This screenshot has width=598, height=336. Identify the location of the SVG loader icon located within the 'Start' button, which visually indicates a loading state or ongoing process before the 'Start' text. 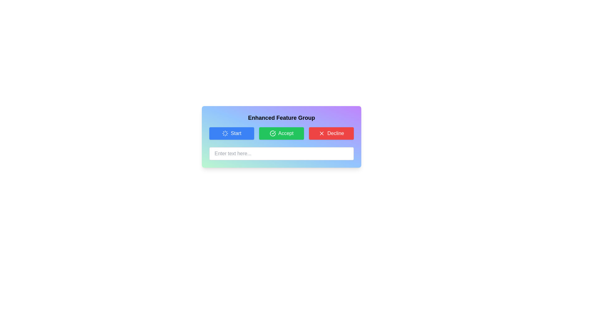
(225, 133).